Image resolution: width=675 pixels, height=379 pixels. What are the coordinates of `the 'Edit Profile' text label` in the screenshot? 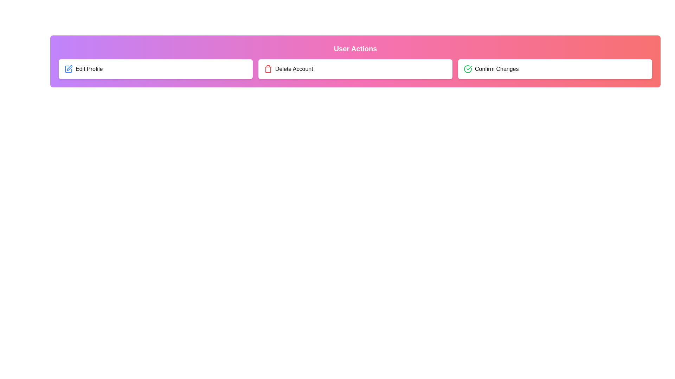 It's located at (89, 69).